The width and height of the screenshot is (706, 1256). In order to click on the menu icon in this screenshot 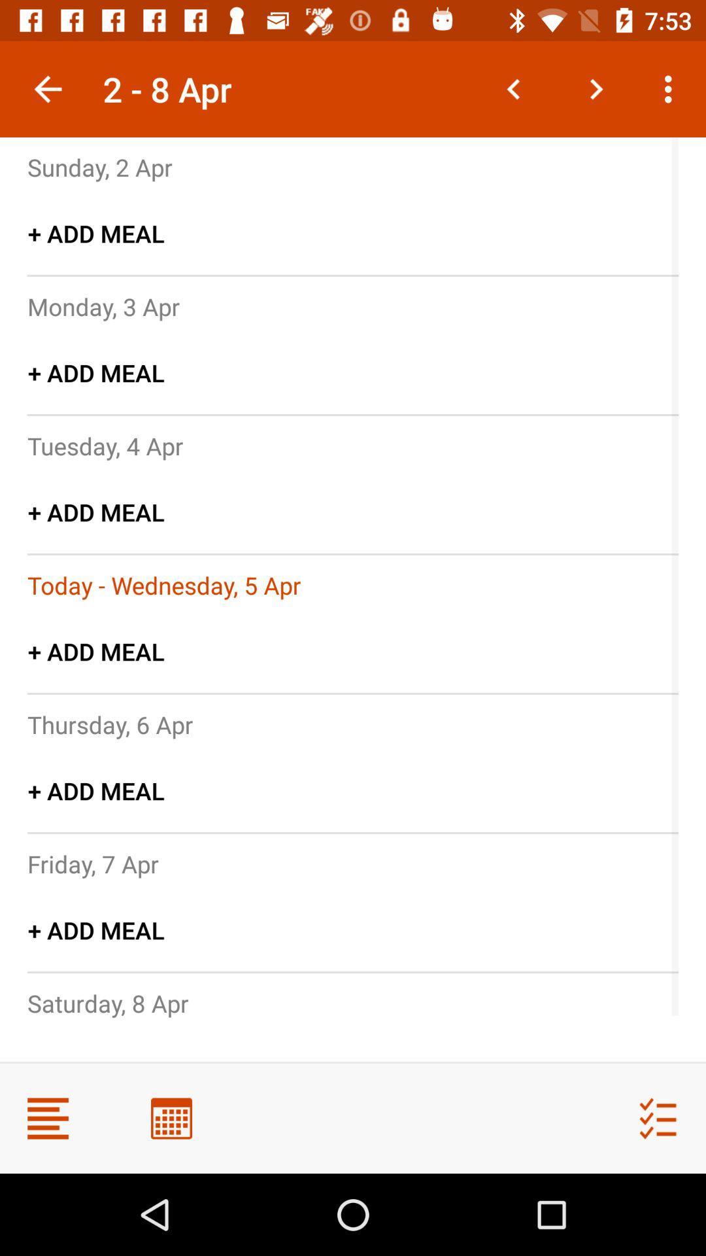, I will do `click(47, 1117)`.